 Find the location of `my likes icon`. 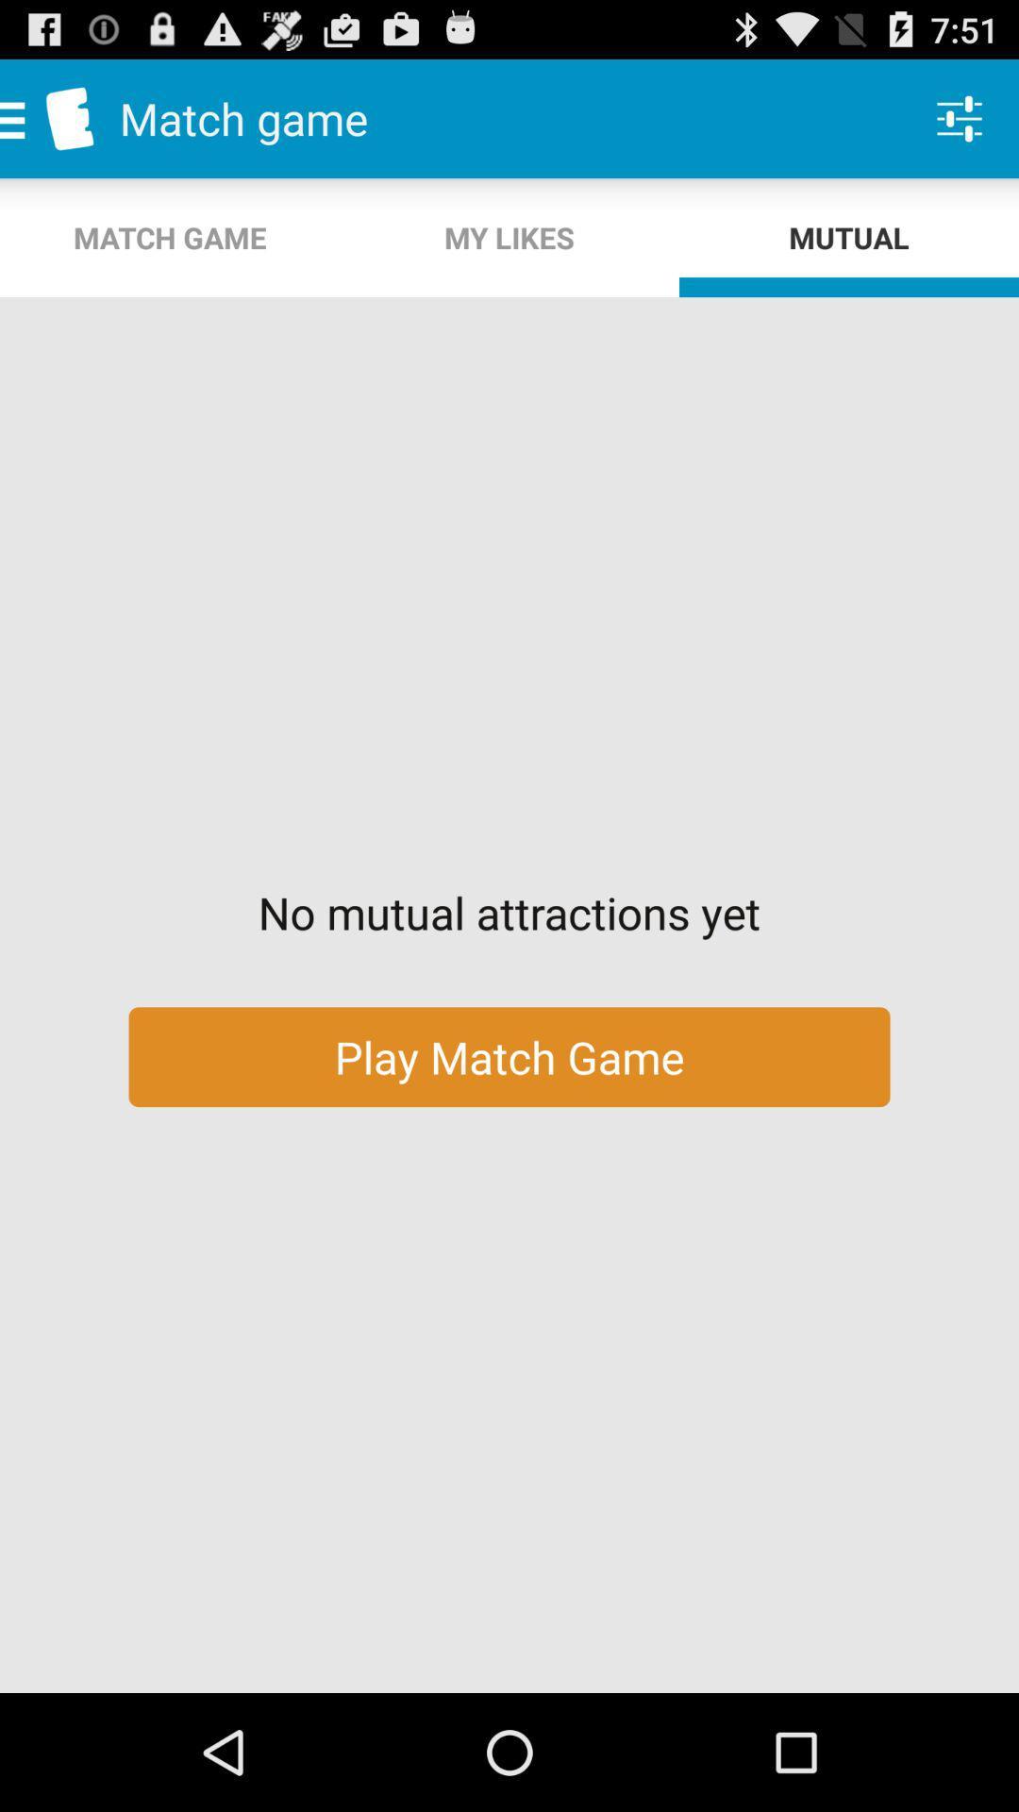

my likes icon is located at coordinates (509, 237).